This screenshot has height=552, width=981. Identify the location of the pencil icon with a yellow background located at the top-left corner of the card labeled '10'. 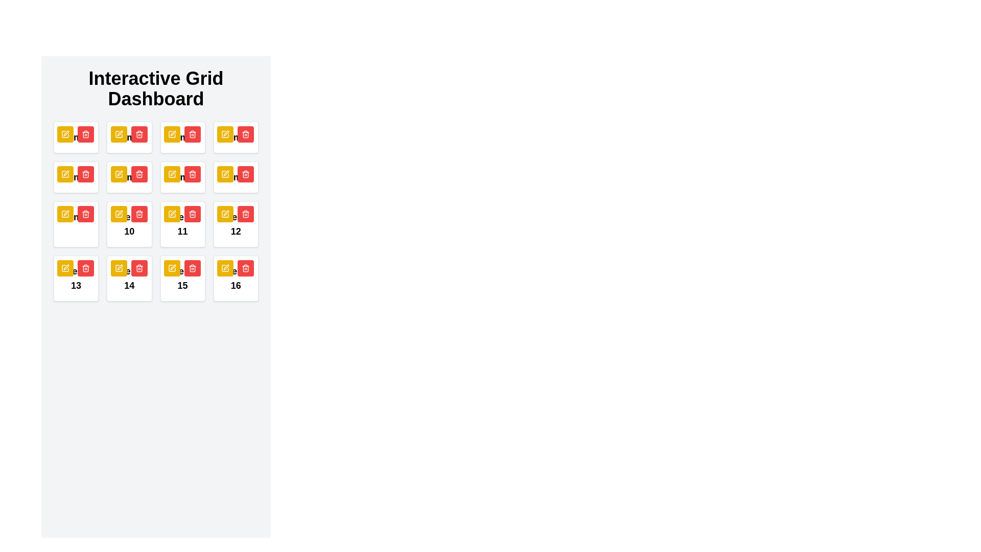
(119, 173).